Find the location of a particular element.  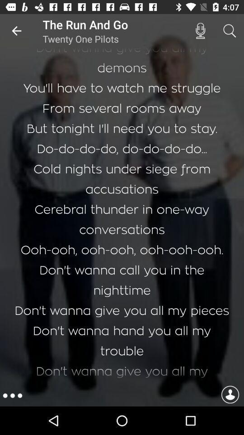

go longoun is located at coordinates (230, 395).